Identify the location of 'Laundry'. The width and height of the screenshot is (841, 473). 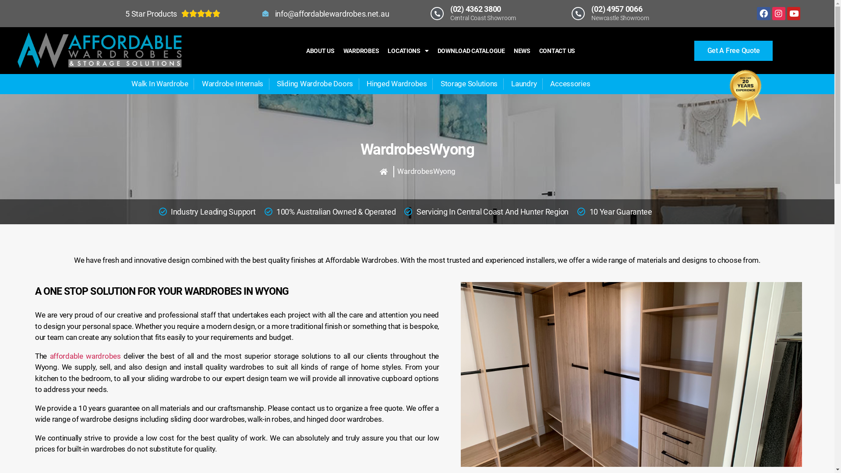
(523, 84).